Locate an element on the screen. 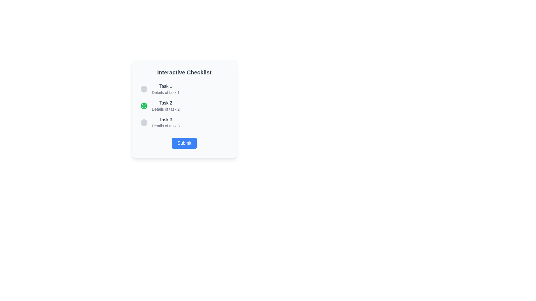 This screenshot has height=301, width=536. the submission button located centrally below the checklist interface is located at coordinates (184, 143).